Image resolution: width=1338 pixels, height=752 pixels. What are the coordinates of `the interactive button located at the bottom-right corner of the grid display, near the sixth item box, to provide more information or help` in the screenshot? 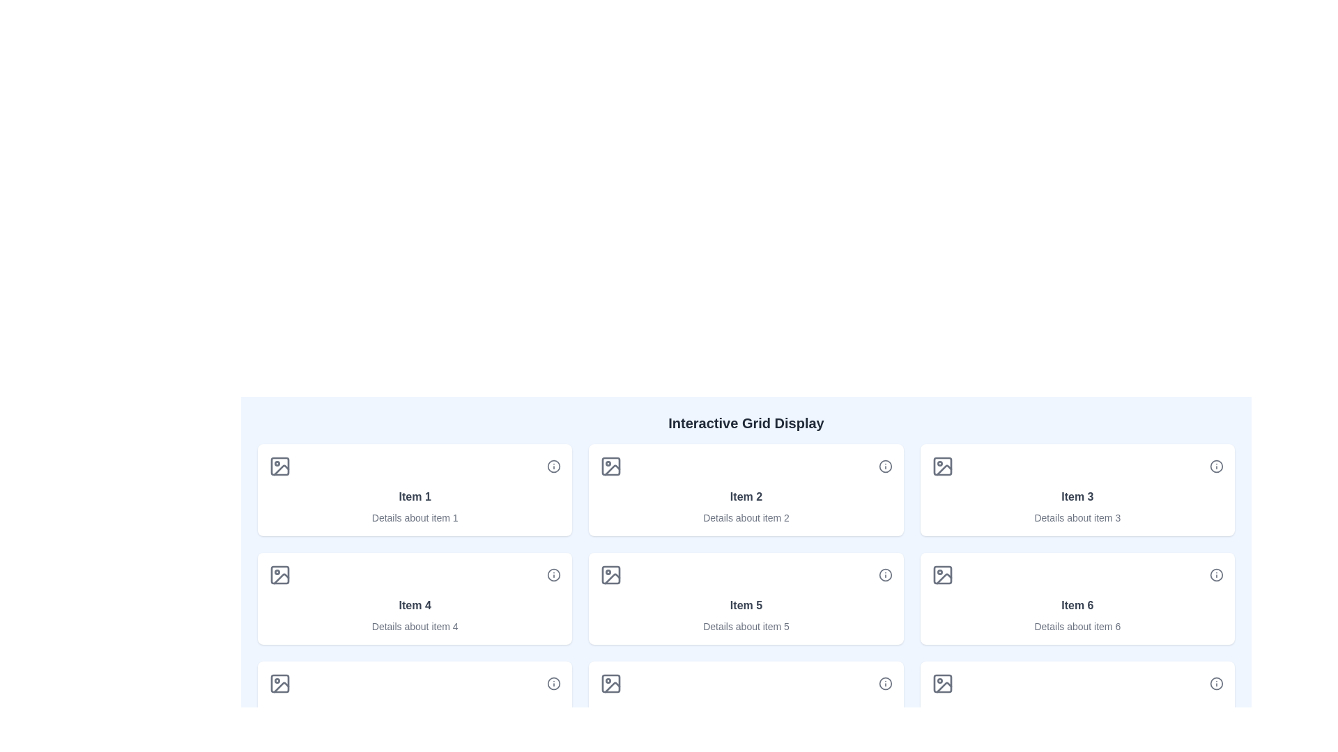 It's located at (1216, 683).